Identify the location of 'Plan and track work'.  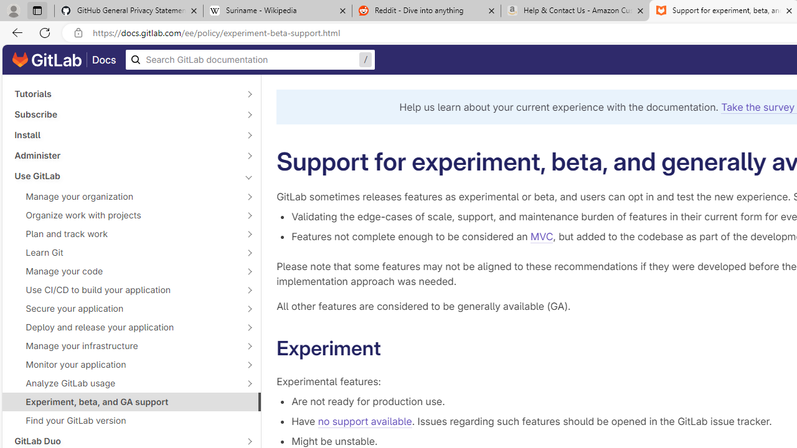
(125, 233).